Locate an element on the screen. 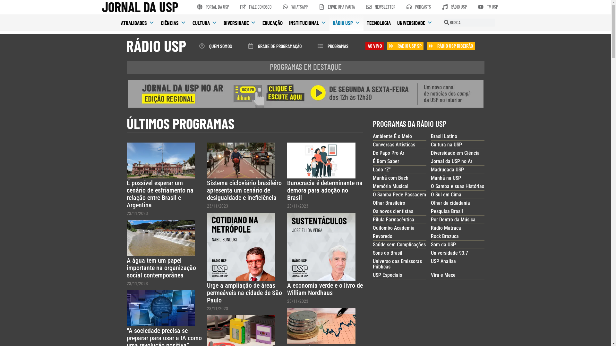  'Quilombo Academia' is located at coordinates (393, 227).